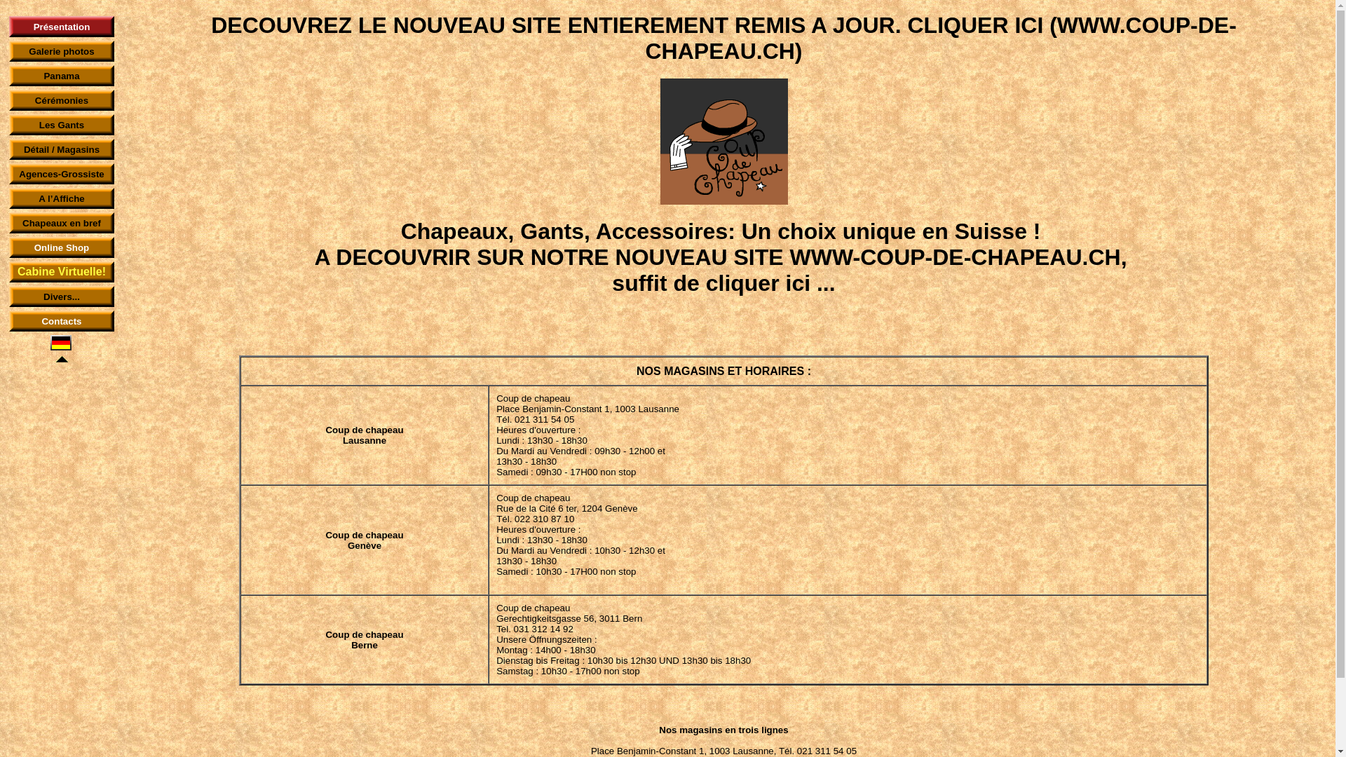 This screenshot has width=1346, height=757. Describe the element at coordinates (43, 75) in the screenshot. I see `'Panama'` at that location.